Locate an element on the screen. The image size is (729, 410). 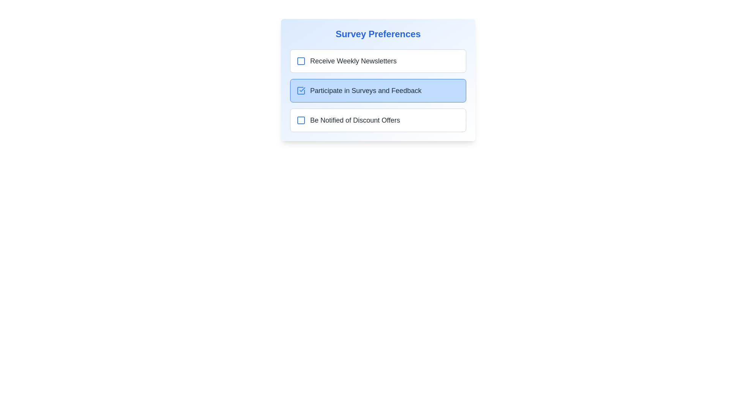
the checkbox of the second selectable list item labeled 'Participate in Surveys and Feedback' within the 'Survey Preferences' card is located at coordinates (378, 90).